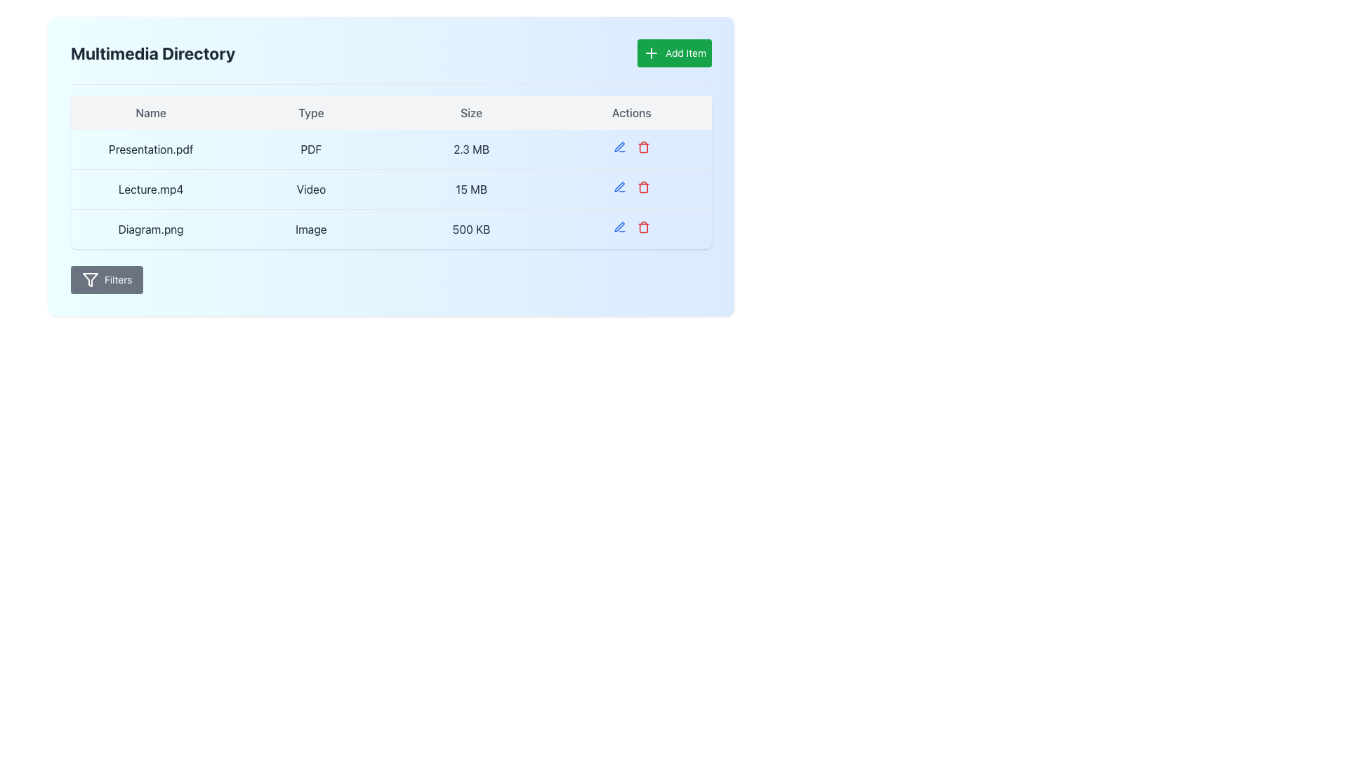 The image size is (1348, 758). Describe the element at coordinates (471, 112) in the screenshot. I see `the 'Size' header label in the table, which is the third column indicating the data category for the contents below it` at that location.